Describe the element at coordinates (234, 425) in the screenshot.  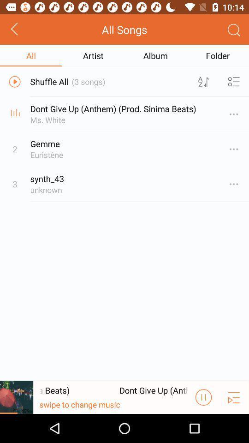
I see `the list icon` at that location.